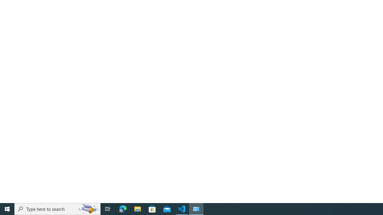 Image resolution: width=383 pixels, height=215 pixels. I want to click on 'Microsoft Edge', so click(123, 208).